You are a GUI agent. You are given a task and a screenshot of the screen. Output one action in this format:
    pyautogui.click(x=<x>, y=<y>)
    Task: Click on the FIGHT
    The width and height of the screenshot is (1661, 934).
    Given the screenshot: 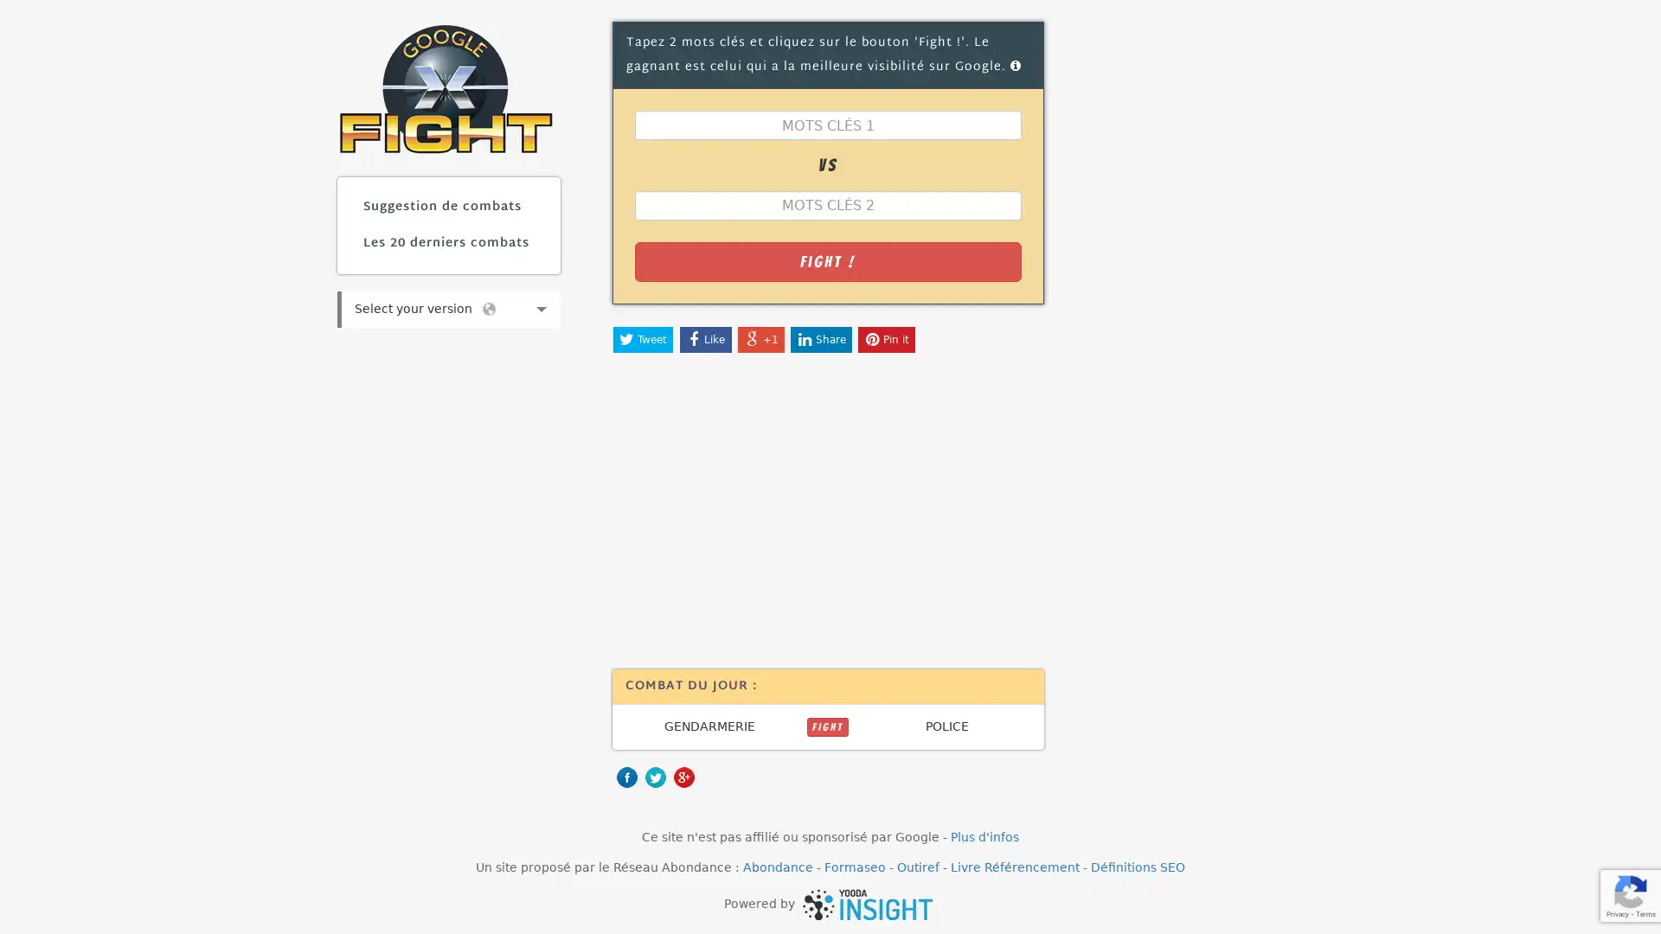 What is the action you would take?
    pyautogui.click(x=826, y=726)
    